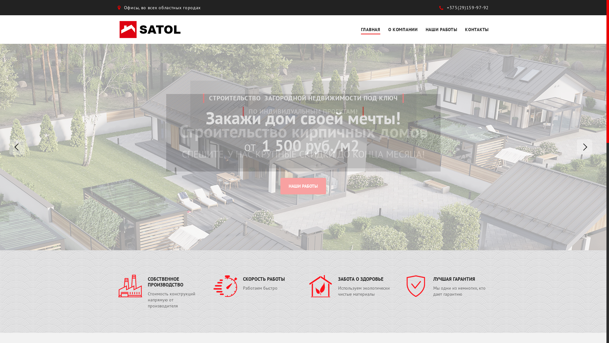 This screenshot has height=343, width=609. Describe the element at coordinates (584, 147) in the screenshot. I see `'Next'` at that location.